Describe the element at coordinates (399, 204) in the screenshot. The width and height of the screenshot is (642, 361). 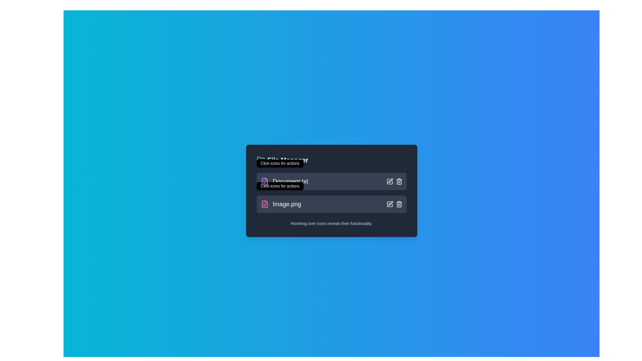
I see `the trash can icon button located in the second row of action icons, associated with deleting the item labeled 'Image.png'` at that location.